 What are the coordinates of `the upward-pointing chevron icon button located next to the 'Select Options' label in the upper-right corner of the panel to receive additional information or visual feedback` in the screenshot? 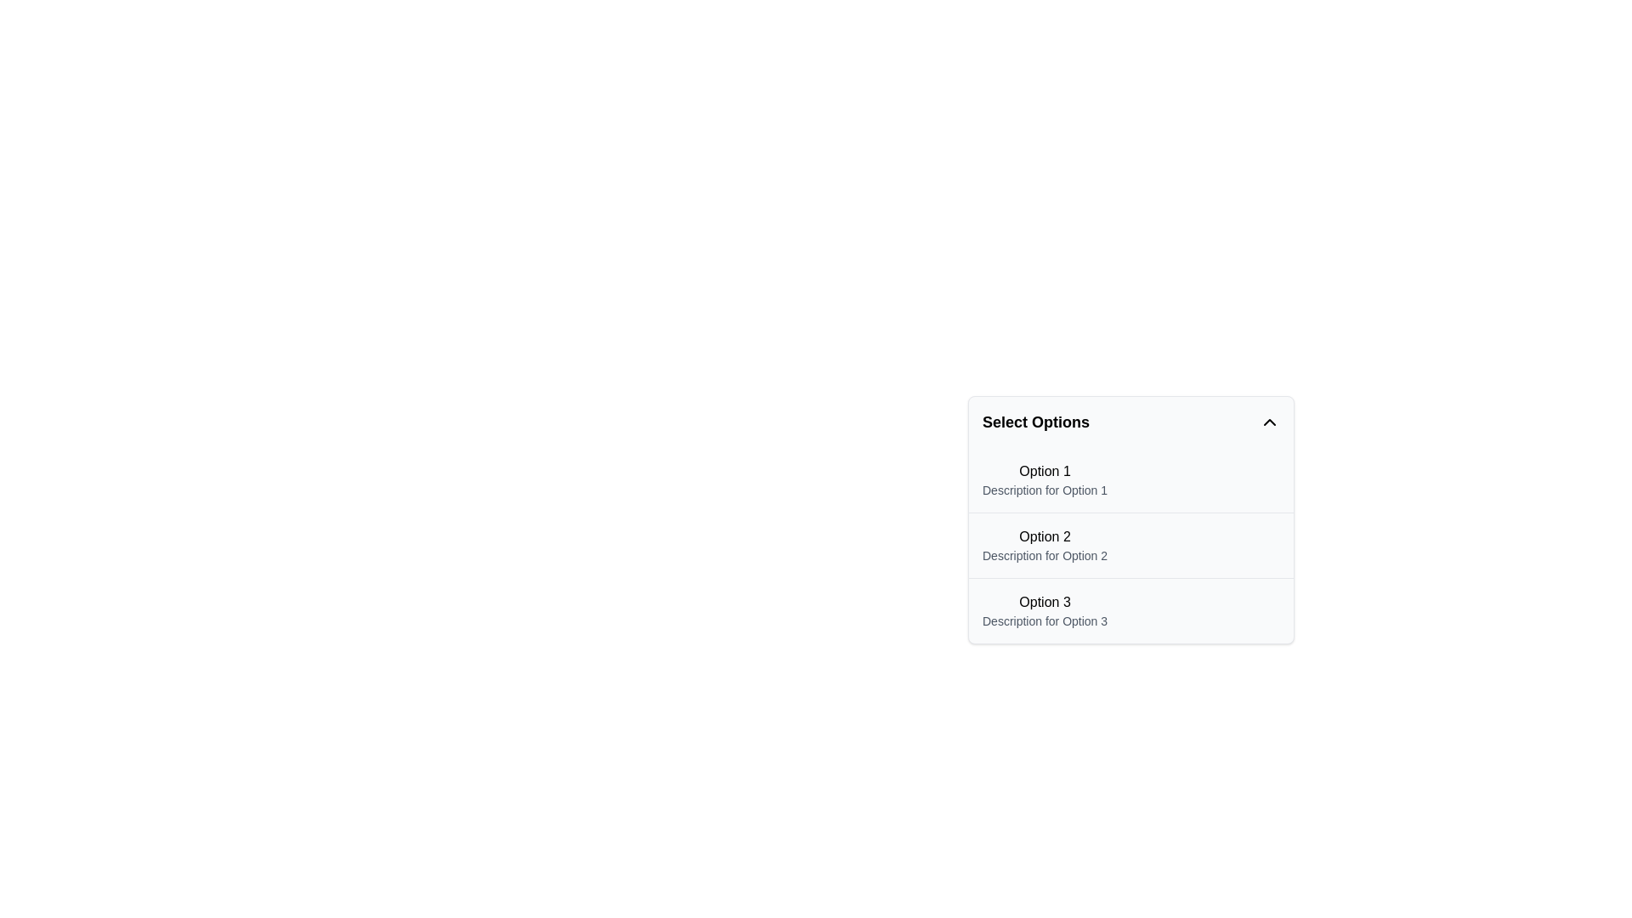 It's located at (1269, 422).